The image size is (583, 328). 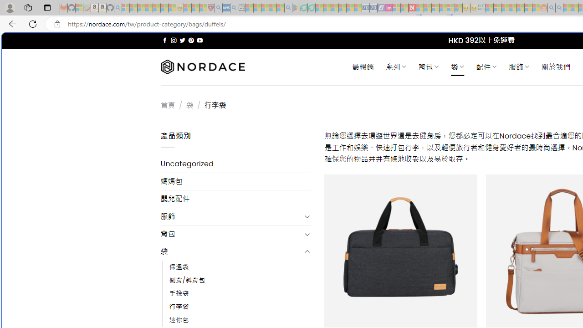 I want to click on 'Terms of Use Agreement - Sleeping', so click(x=303, y=8).